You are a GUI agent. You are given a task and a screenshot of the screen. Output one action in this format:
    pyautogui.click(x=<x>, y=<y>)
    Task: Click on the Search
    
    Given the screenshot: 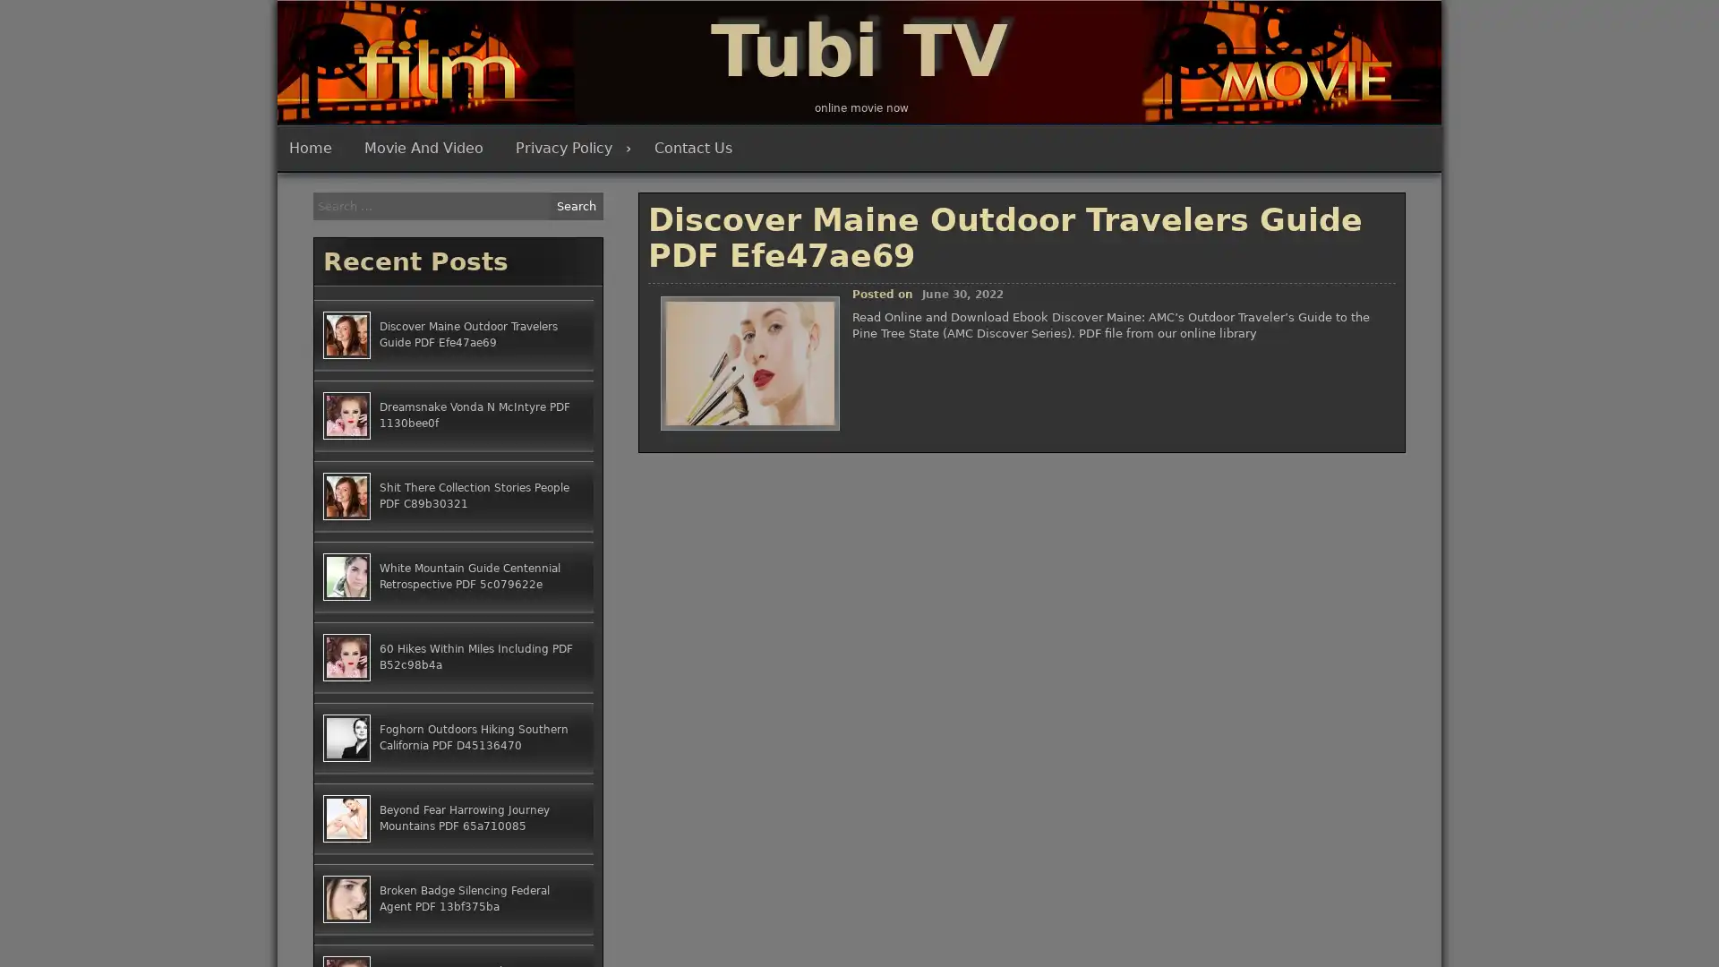 What is the action you would take?
    pyautogui.click(x=576, y=205)
    